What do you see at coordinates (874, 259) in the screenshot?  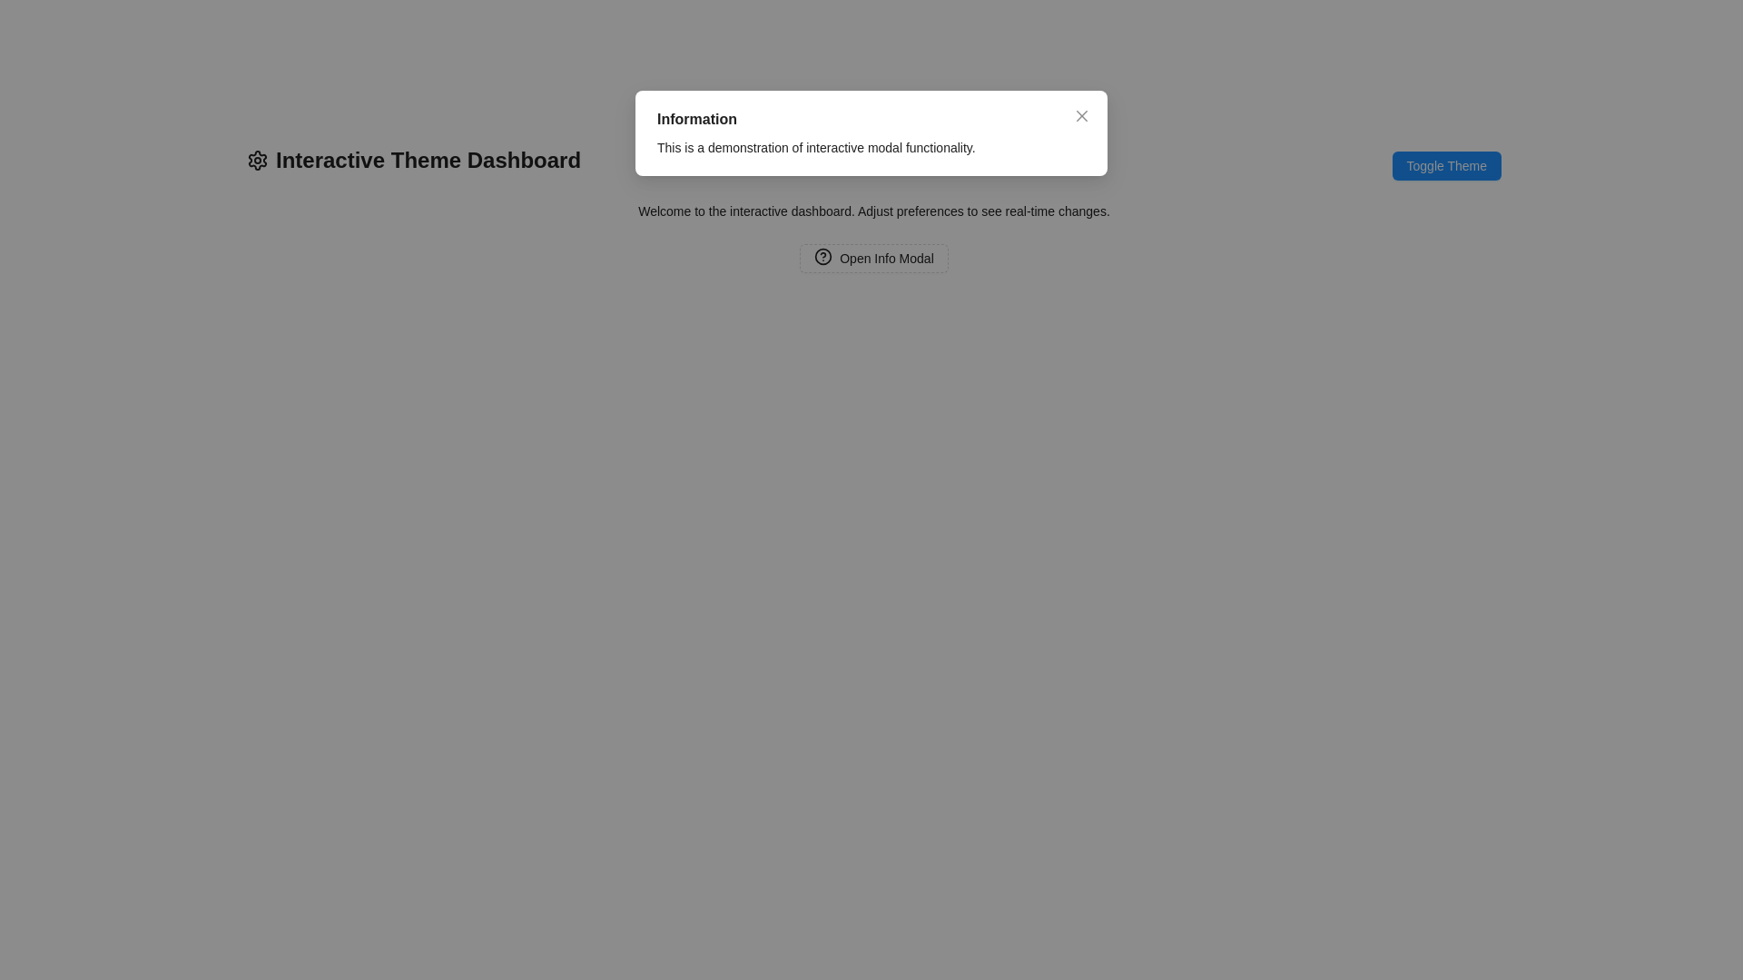 I see `the button labeled 'Open Info Modal' with dashed outlines and a circular icon on its left side` at bounding box center [874, 259].